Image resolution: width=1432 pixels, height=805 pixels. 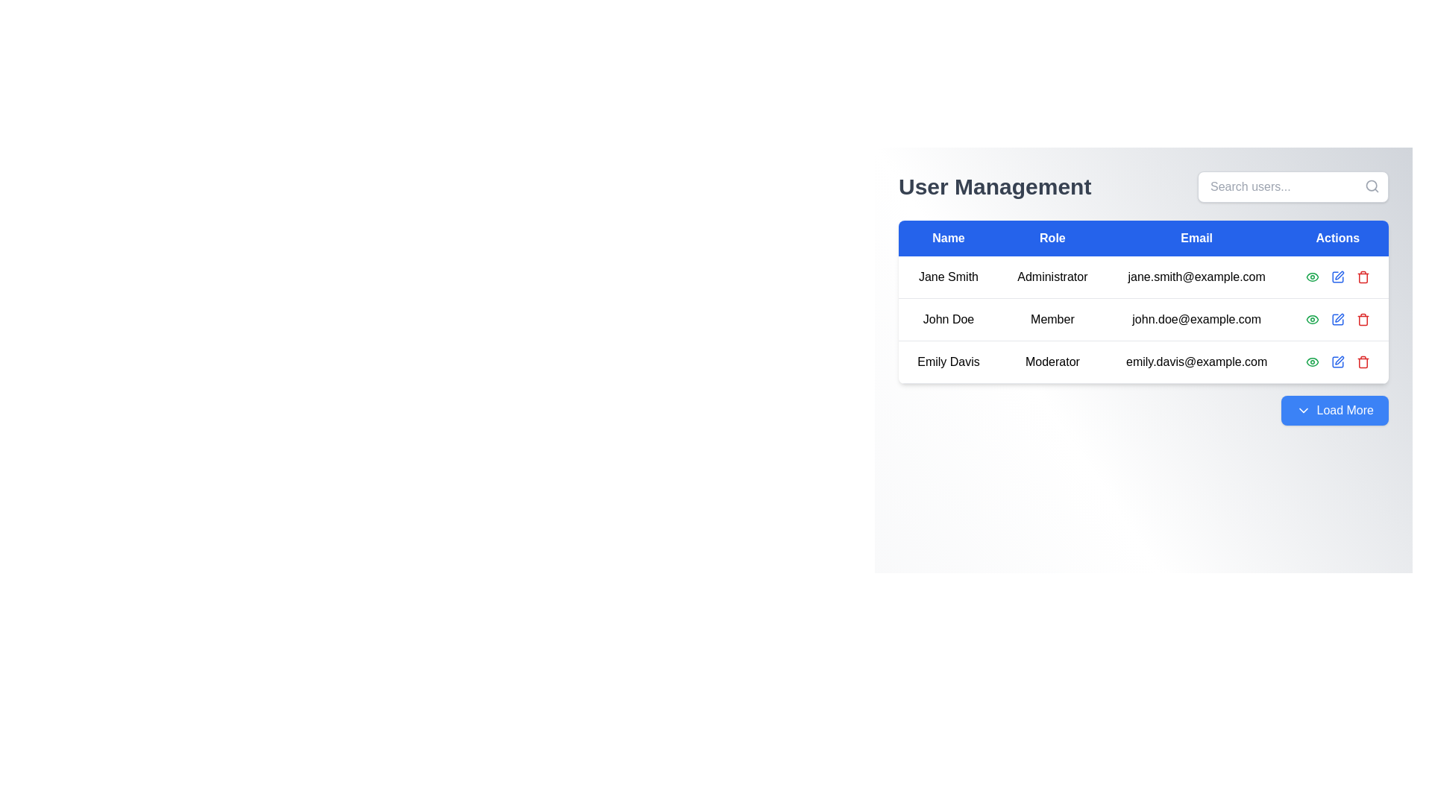 What do you see at coordinates (1339, 360) in the screenshot?
I see `the edit icon for user 'Emily Davis' in the Actions column of the user management table` at bounding box center [1339, 360].